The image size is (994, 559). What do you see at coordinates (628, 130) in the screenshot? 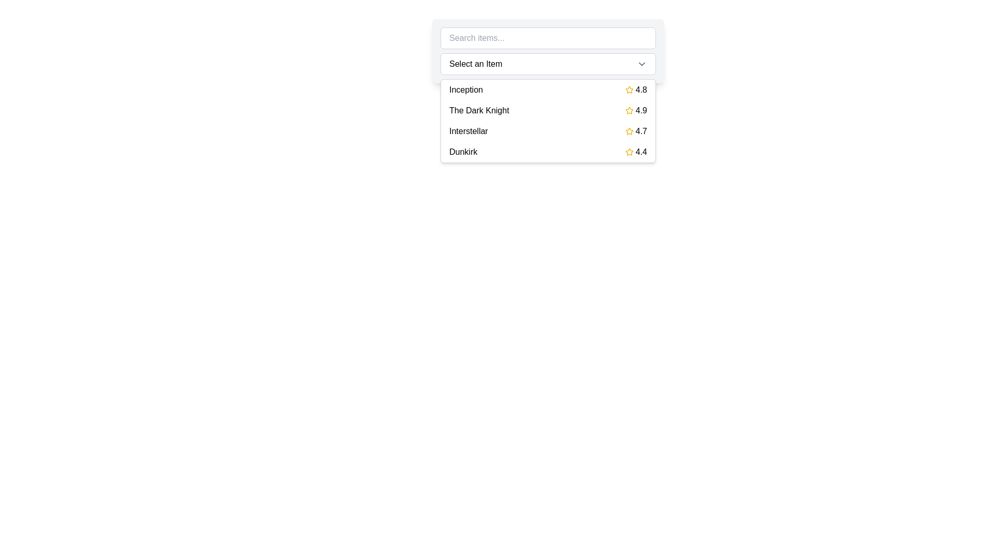
I see `the yellow star rating icon located in the third row of the dropdown list beside the text 'Interstellar'` at bounding box center [628, 130].